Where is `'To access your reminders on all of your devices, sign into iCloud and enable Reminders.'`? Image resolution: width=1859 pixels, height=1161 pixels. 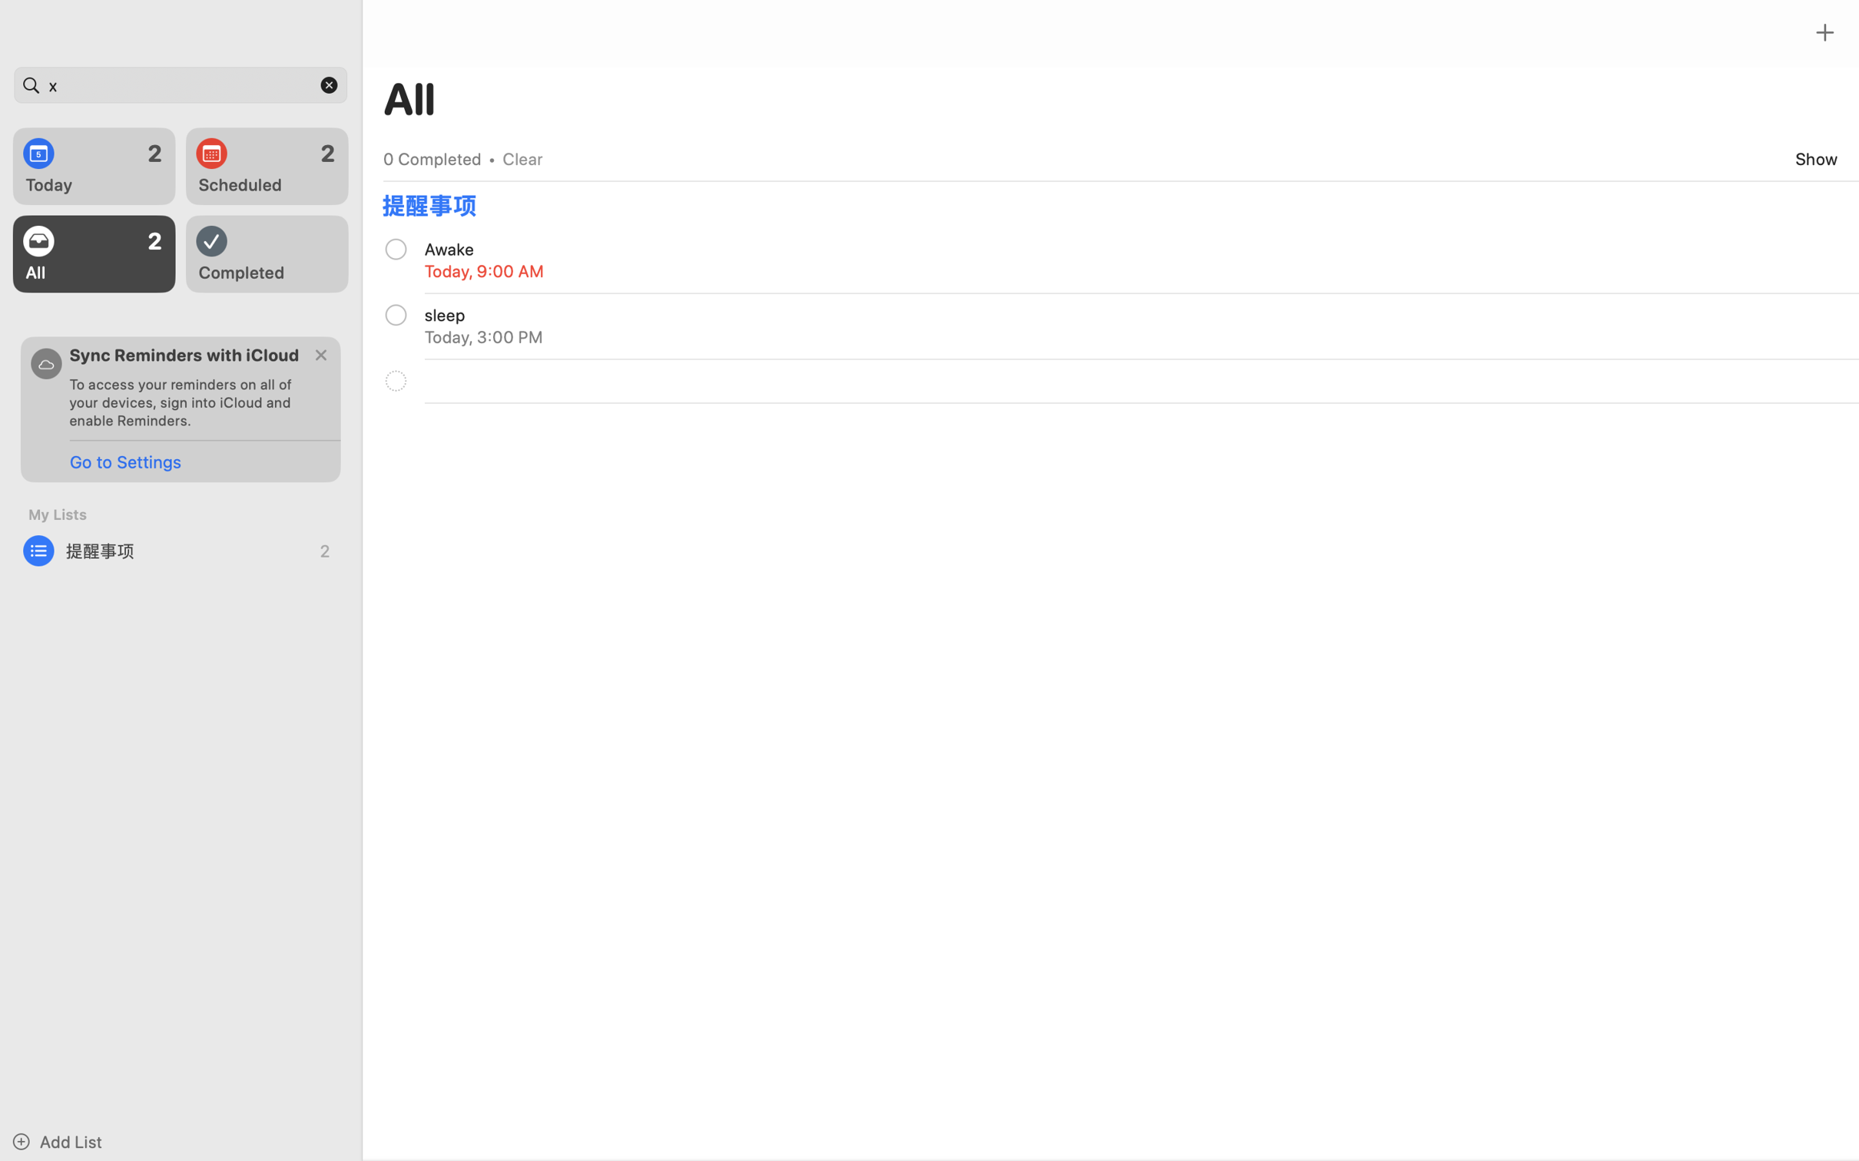
'To access your reminders on all of your devices, sign into iCloud and enable Reminders.' is located at coordinates (186, 401).